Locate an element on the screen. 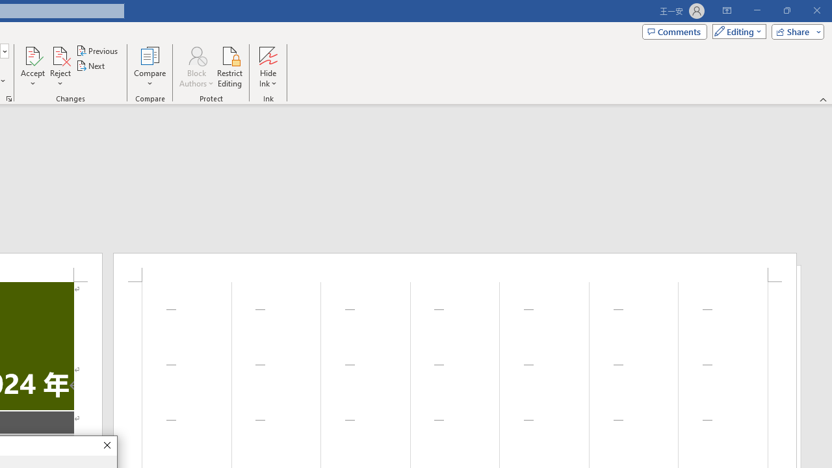 The image size is (832, 468). 'Accept and Move to Next' is located at coordinates (32, 55).